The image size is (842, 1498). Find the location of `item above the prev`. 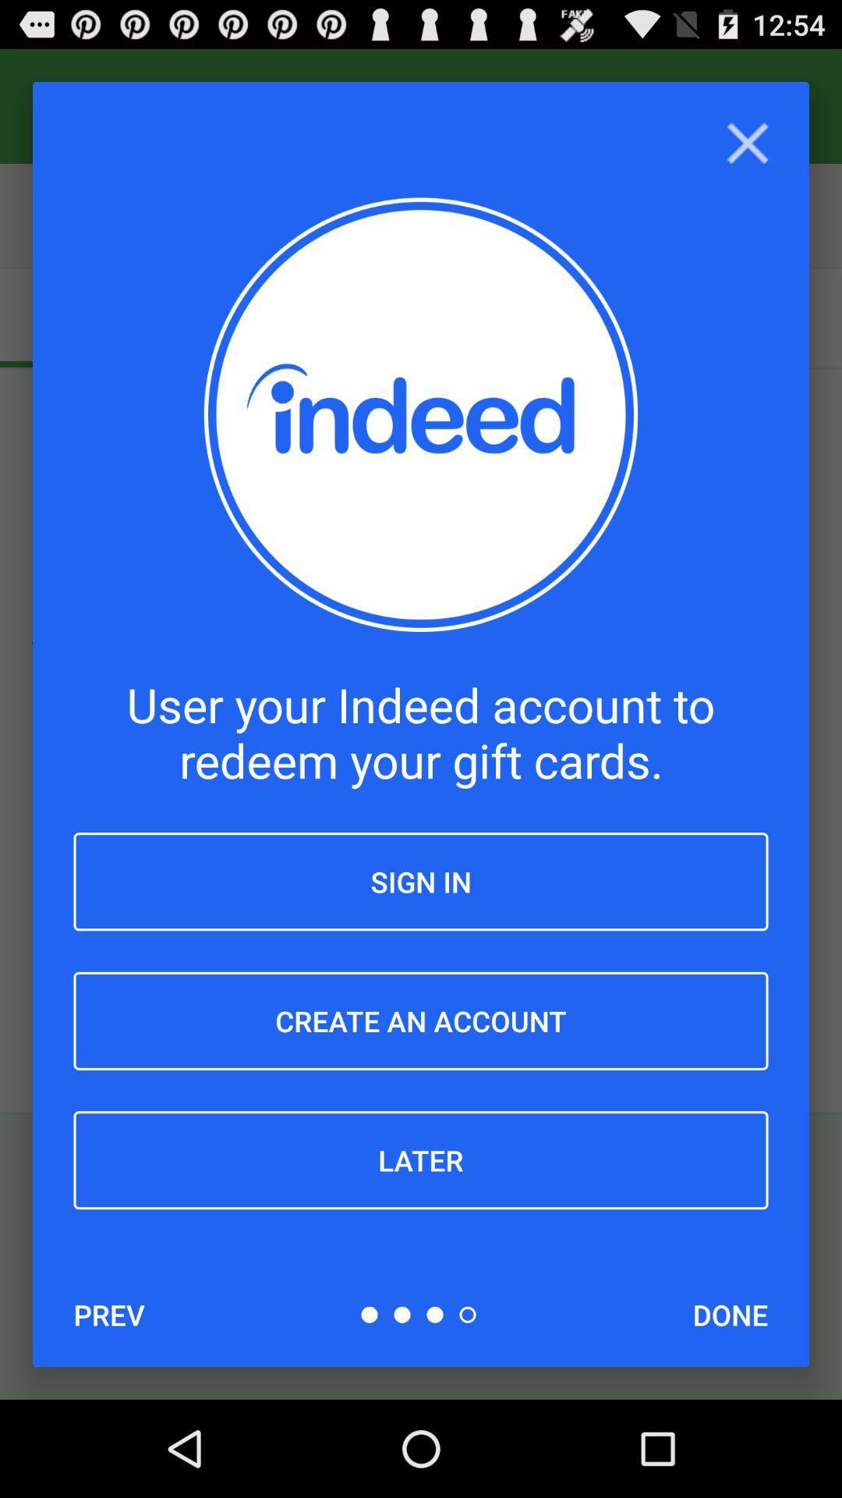

item above the prev is located at coordinates (421, 1160).